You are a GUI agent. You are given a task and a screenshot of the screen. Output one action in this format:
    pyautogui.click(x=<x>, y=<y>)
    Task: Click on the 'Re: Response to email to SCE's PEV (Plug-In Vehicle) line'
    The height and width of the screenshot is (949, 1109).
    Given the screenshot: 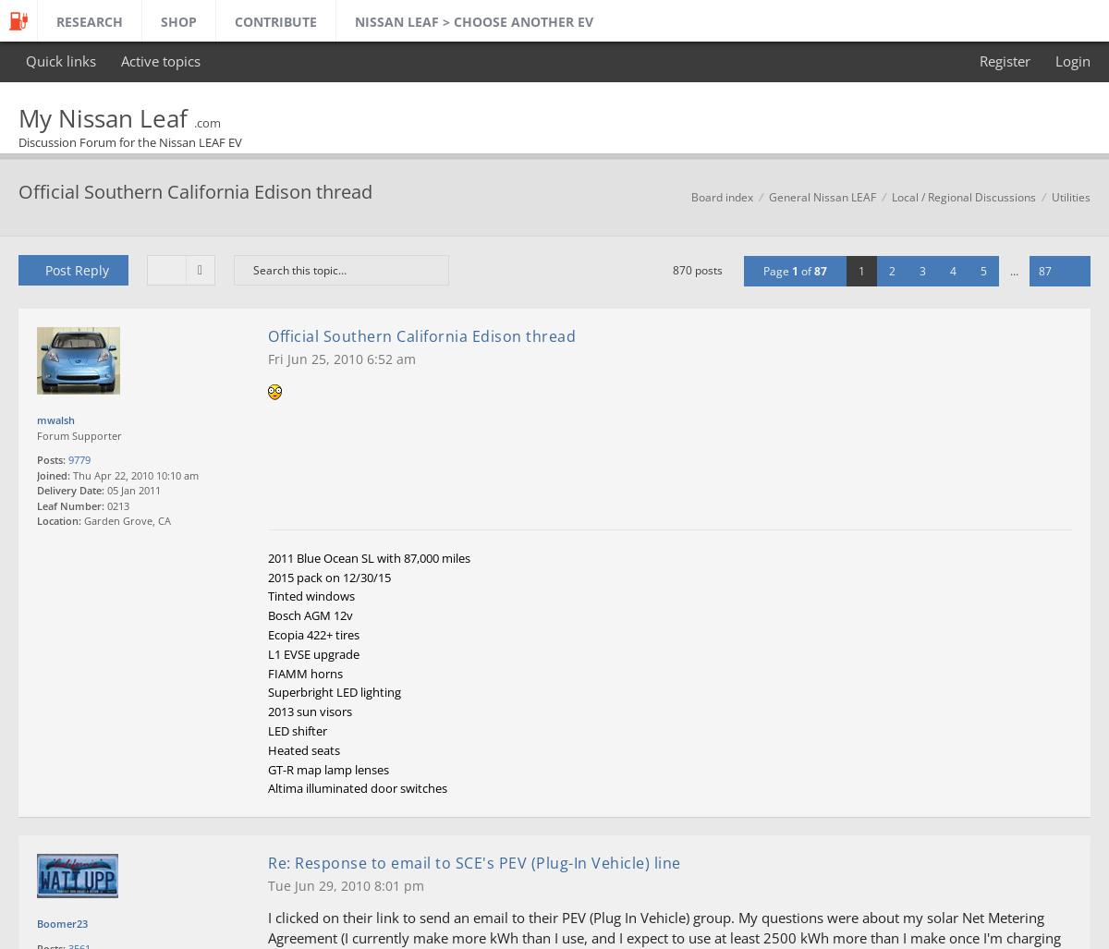 What is the action you would take?
    pyautogui.click(x=267, y=862)
    